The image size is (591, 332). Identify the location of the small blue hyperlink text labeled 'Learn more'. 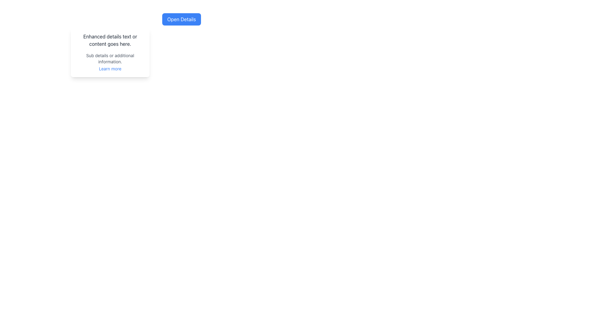
(110, 69).